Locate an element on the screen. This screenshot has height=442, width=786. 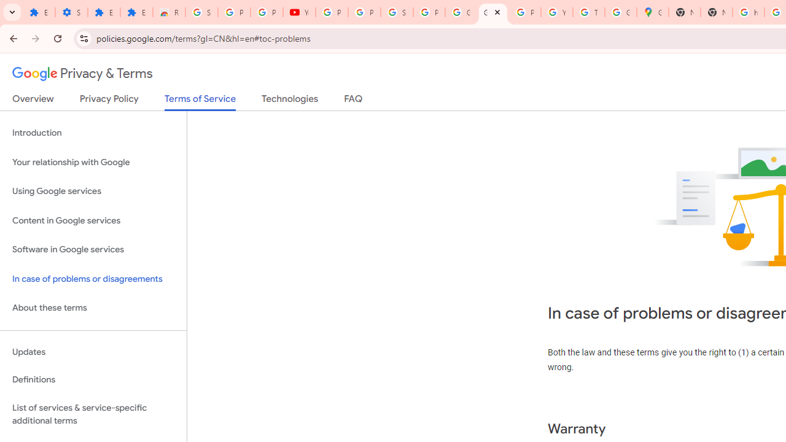
'Reviews: Helix Fruit Jump Arcade Game' is located at coordinates (168, 12).